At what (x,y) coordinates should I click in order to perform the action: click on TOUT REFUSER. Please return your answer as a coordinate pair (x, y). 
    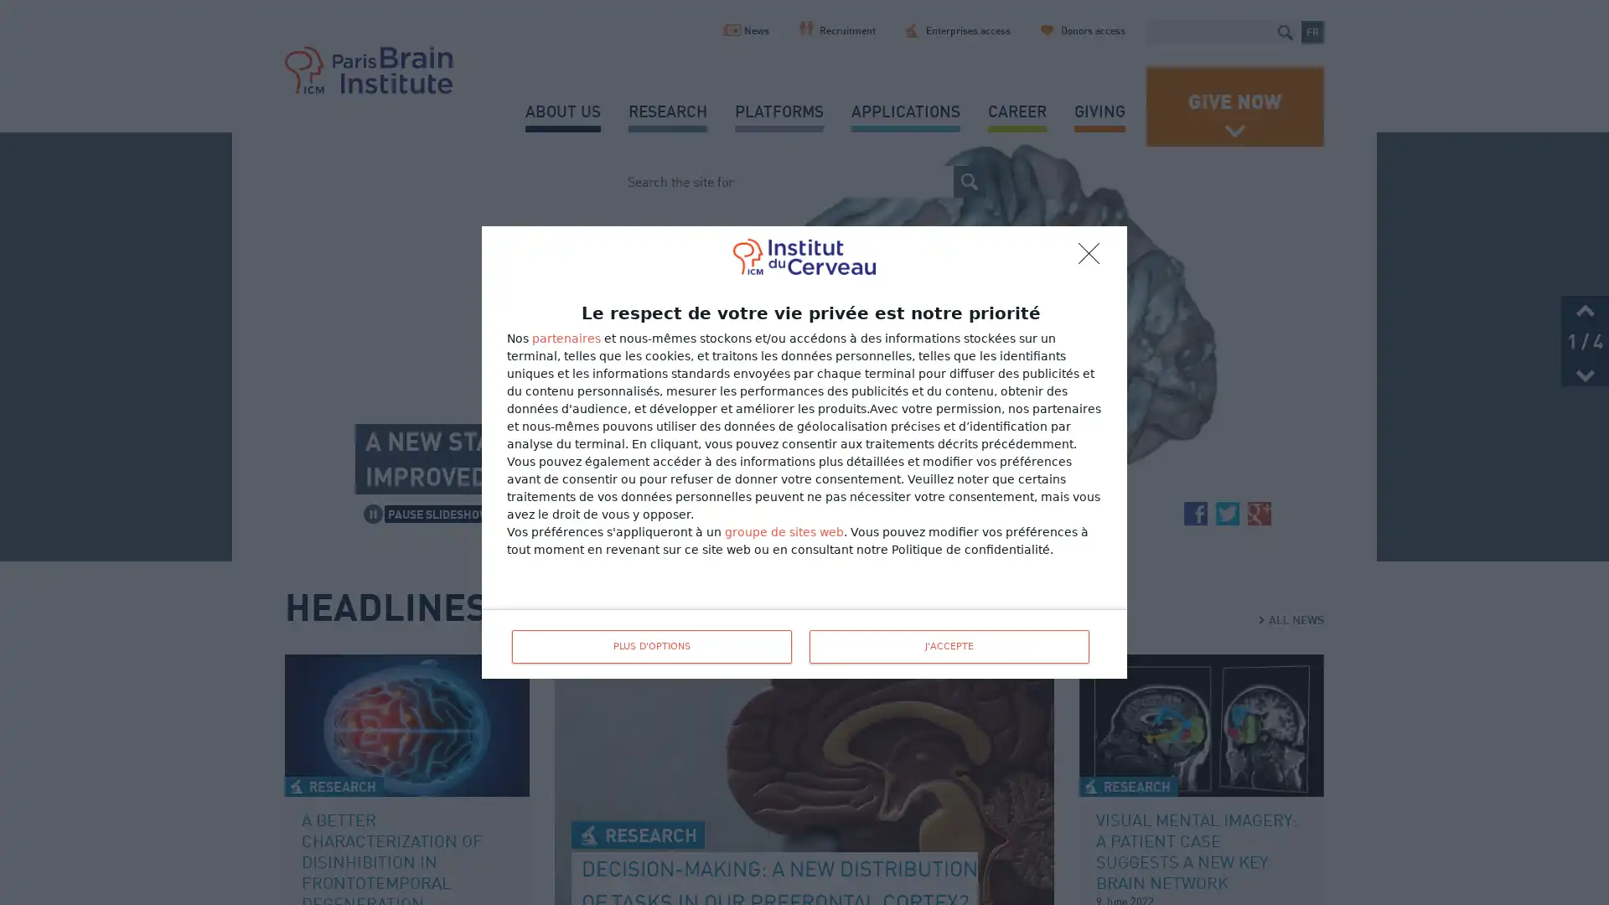
    Looking at the image, I should click on (1094, 258).